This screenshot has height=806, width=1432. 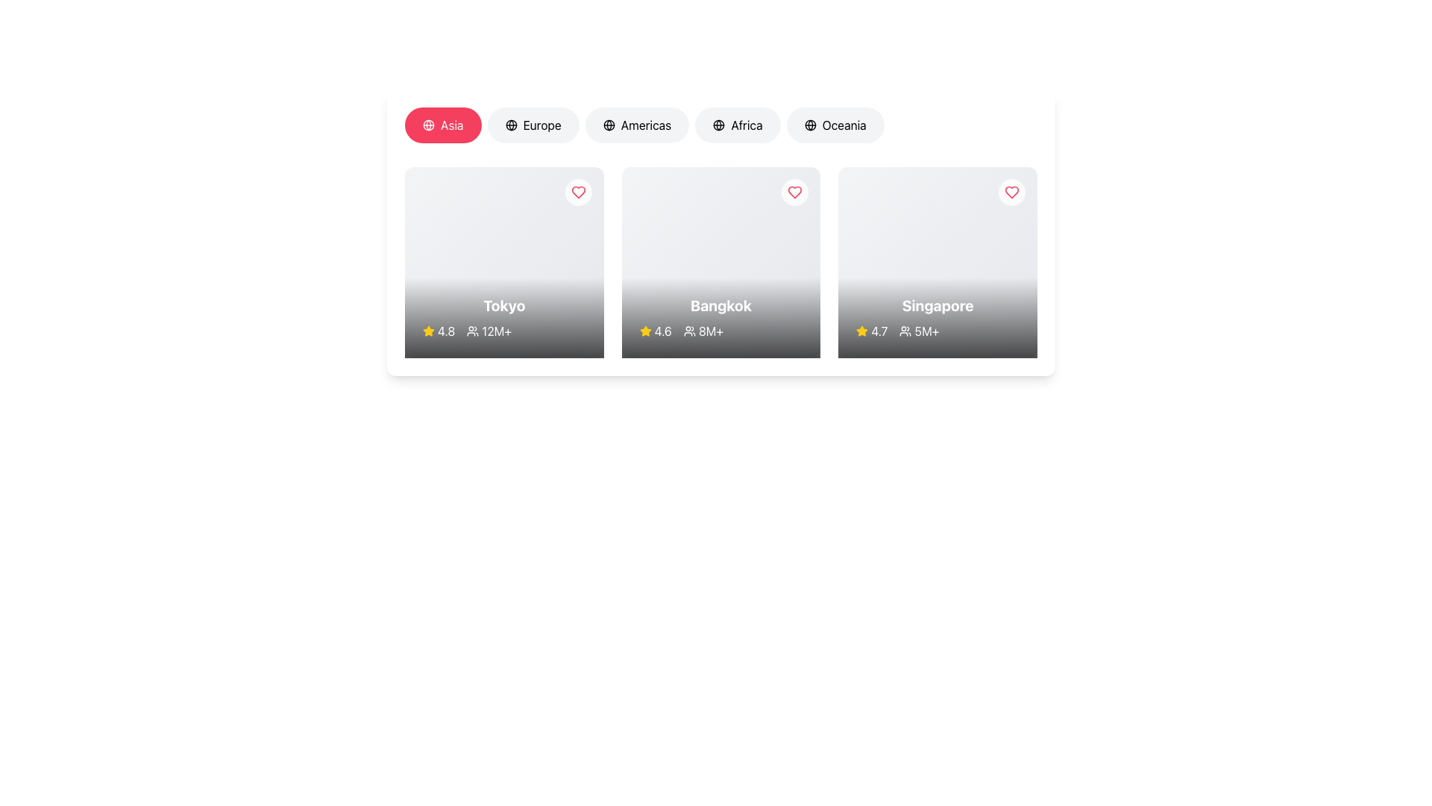 What do you see at coordinates (451, 125) in the screenshot?
I see `the 'Asia' region filter button located in the horizontal navigation bar at the top-left corner of the page` at bounding box center [451, 125].